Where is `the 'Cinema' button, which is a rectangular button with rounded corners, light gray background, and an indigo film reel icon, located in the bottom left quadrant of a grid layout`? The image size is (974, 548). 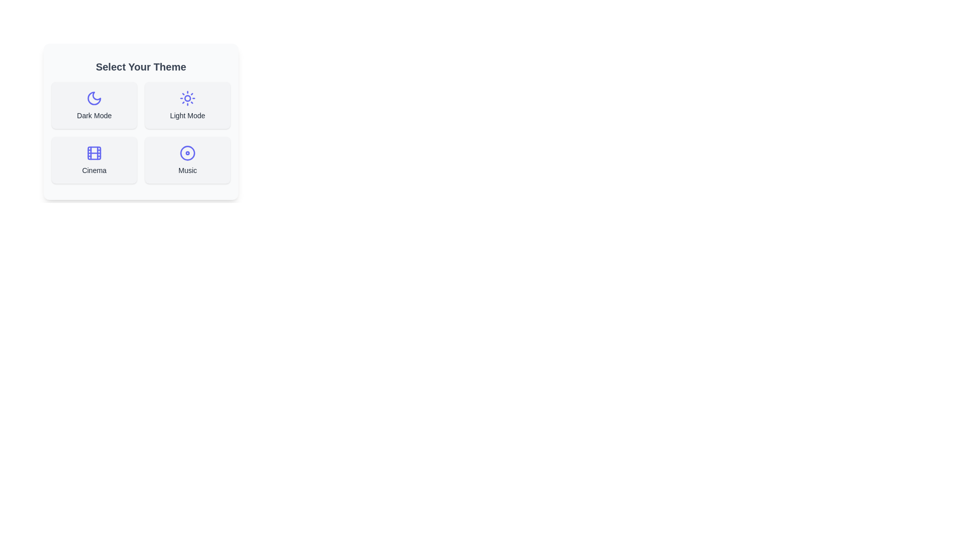 the 'Cinema' button, which is a rectangular button with rounded corners, light gray background, and an indigo film reel icon, located in the bottom left quadrant of a grid layout is located at coordinates (94, 160).